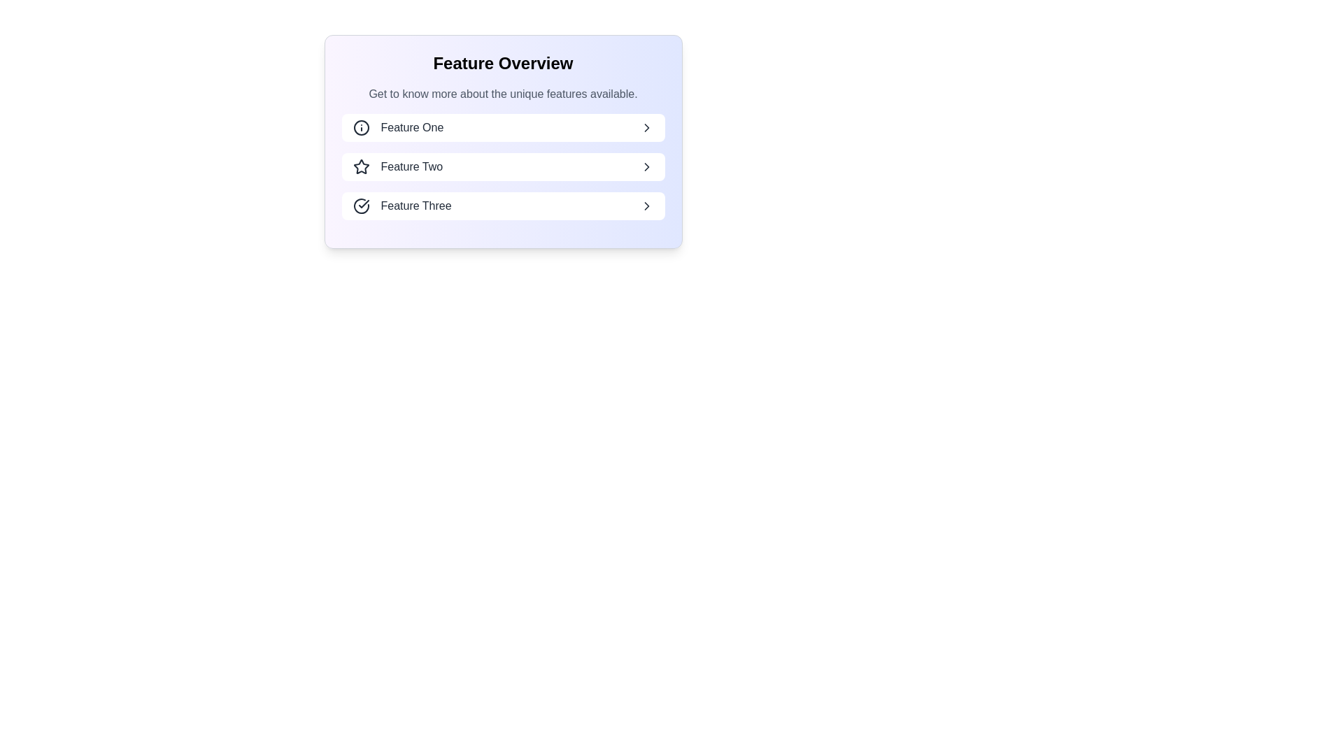 This screenshot has width=1343, height=755. What do you see at coordinates (646, 127) in the screenshot?
I see `the right-pointing chevron icon located at the far right of the 'Feature One' list item in the 'Feature Overview' section` at bounding box center [646, 127].